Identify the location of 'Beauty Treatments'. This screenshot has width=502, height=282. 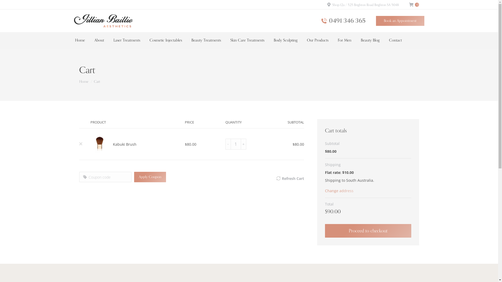
(206, 40).